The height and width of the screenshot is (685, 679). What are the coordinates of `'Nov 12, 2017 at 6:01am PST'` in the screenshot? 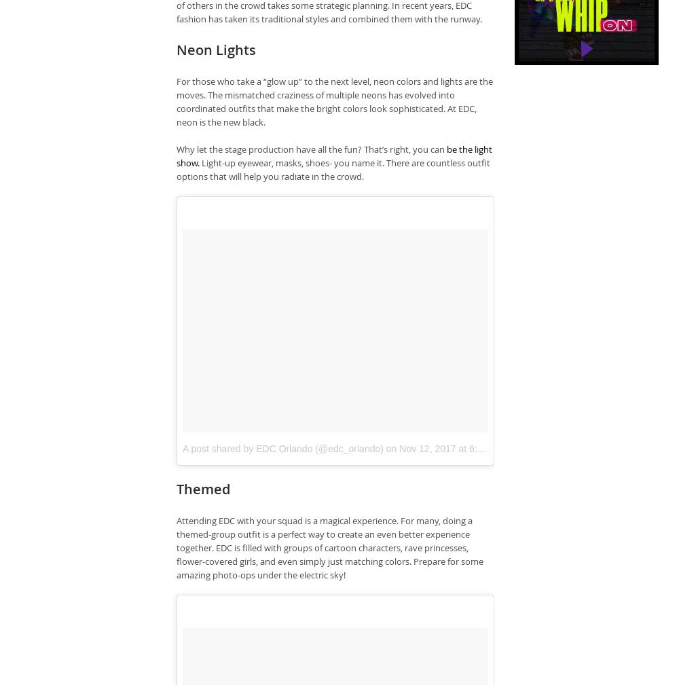 It's located at (460, 447).